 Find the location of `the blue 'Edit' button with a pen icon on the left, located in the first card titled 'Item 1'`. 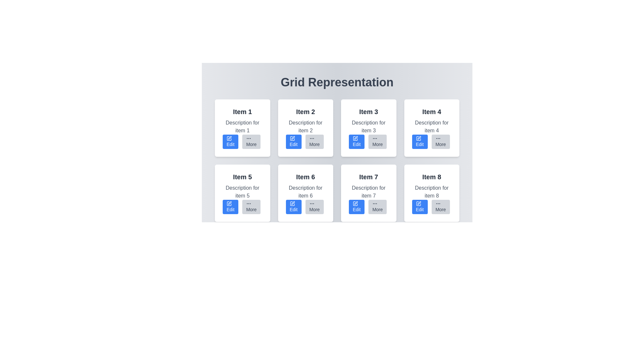

the blue 'Edit' button with a pen icon on the left, located in the first card titled 'Item 1' is located at coordinates (231, 141).